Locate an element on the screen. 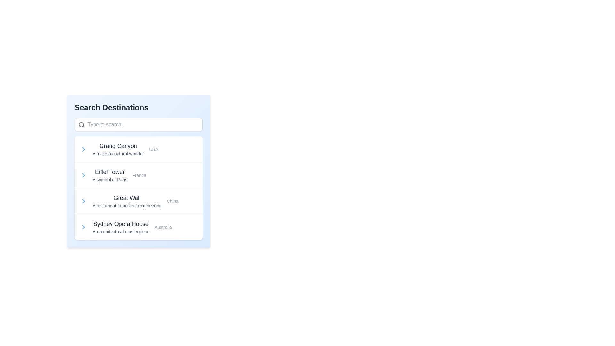  the text-based informational block containing 'Sydney Opera House' for selection within the list of destinations in the 'Search Destinations' panel is located at coordinates (121, 227).